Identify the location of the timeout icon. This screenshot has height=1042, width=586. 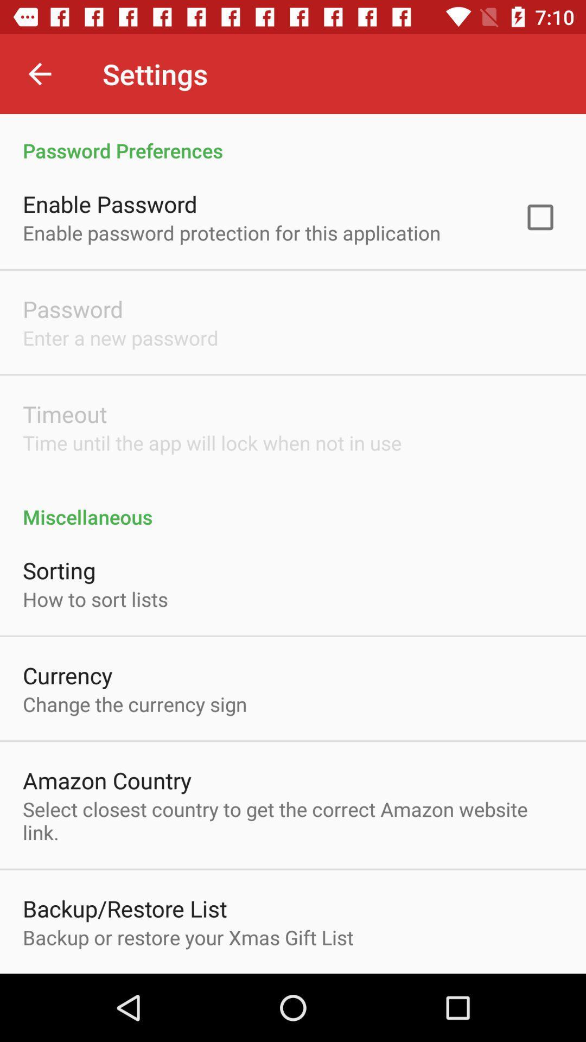
(65, 413).